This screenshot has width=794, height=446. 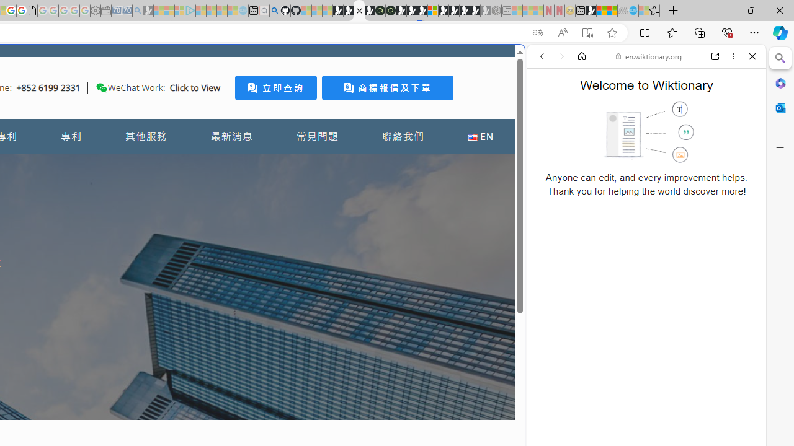 What do you see at coordinates (347, 11) in the screenshot?
I see `'Play Zoo Boom in your browser | Games from Microsoft Start'` at bounding box center [347, 11].